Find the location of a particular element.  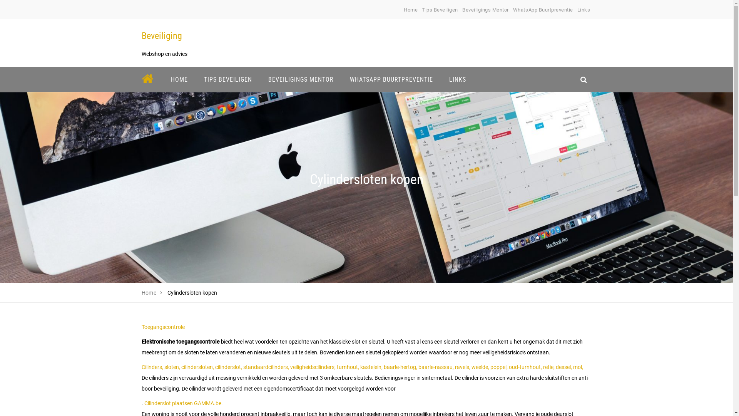

'Links' is located at coordinates (584, 10).